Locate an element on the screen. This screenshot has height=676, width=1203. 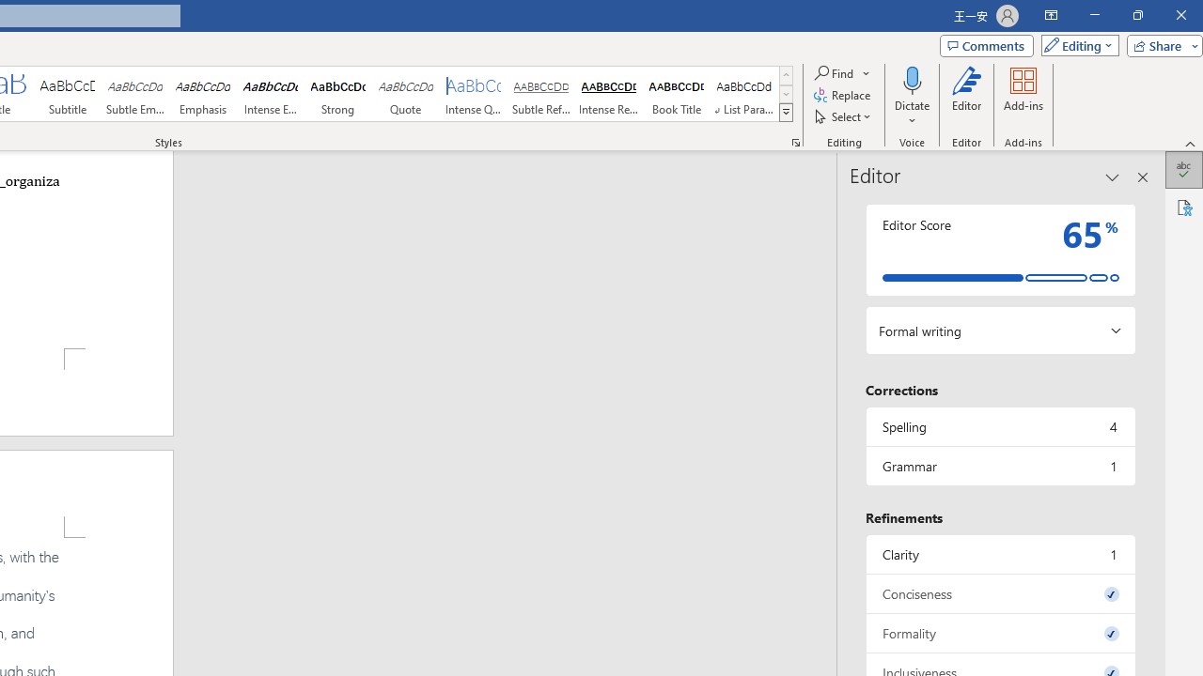
'Share' is located at coordinates (1160, 44).